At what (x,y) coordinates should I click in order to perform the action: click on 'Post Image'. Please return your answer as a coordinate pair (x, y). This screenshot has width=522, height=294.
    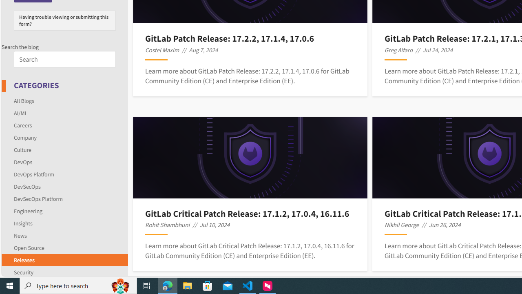
    Looking at the image, I should click on (250, 157).